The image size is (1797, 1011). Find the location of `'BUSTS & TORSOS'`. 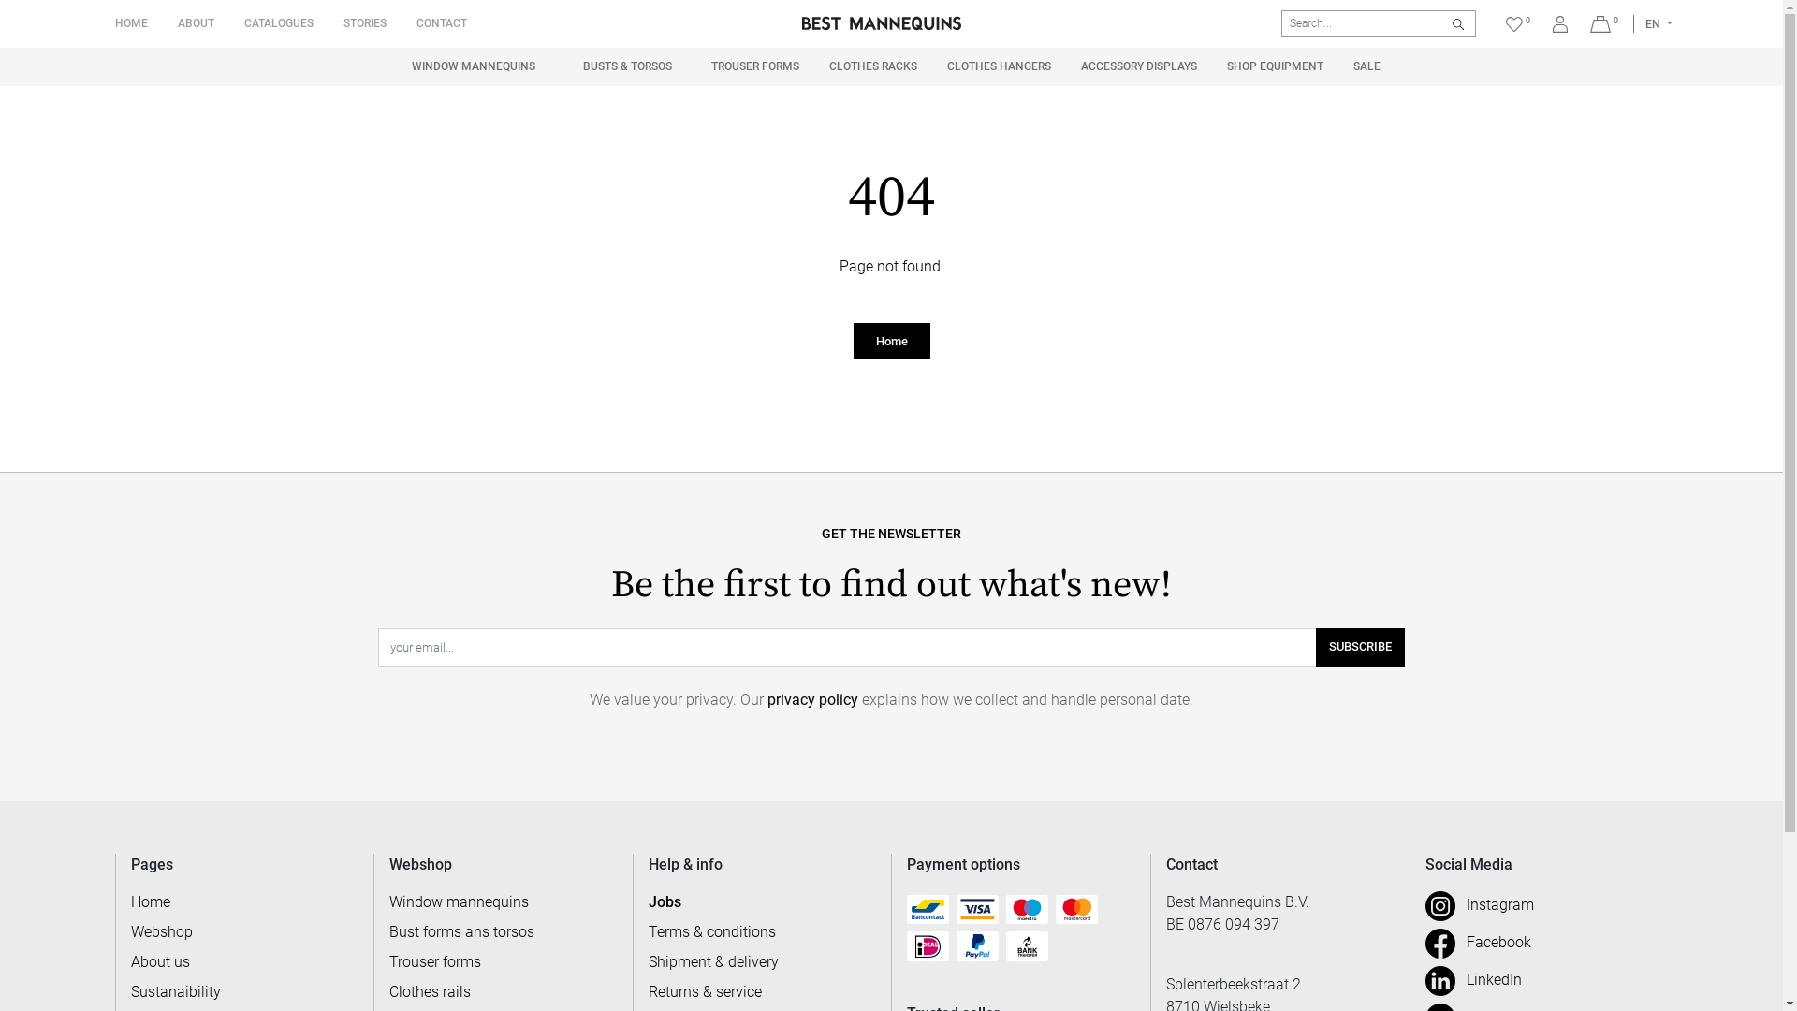

'BUSTS & TORSOS' is located at coordinates (627, 66).